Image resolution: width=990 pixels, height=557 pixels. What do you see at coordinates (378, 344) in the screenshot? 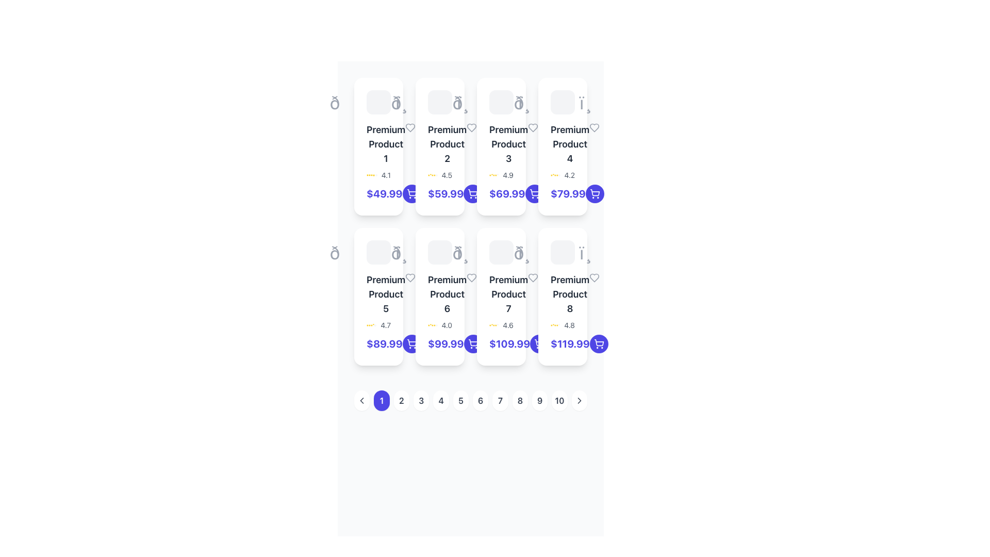
I see `price value displayed in the text label located in the product card for 'Premium Product 5', positioned above the shopping cart icon` at bounding box center [378, 344].